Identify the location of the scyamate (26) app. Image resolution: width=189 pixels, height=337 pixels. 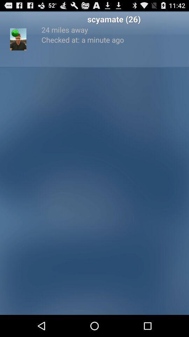
(114, 19).